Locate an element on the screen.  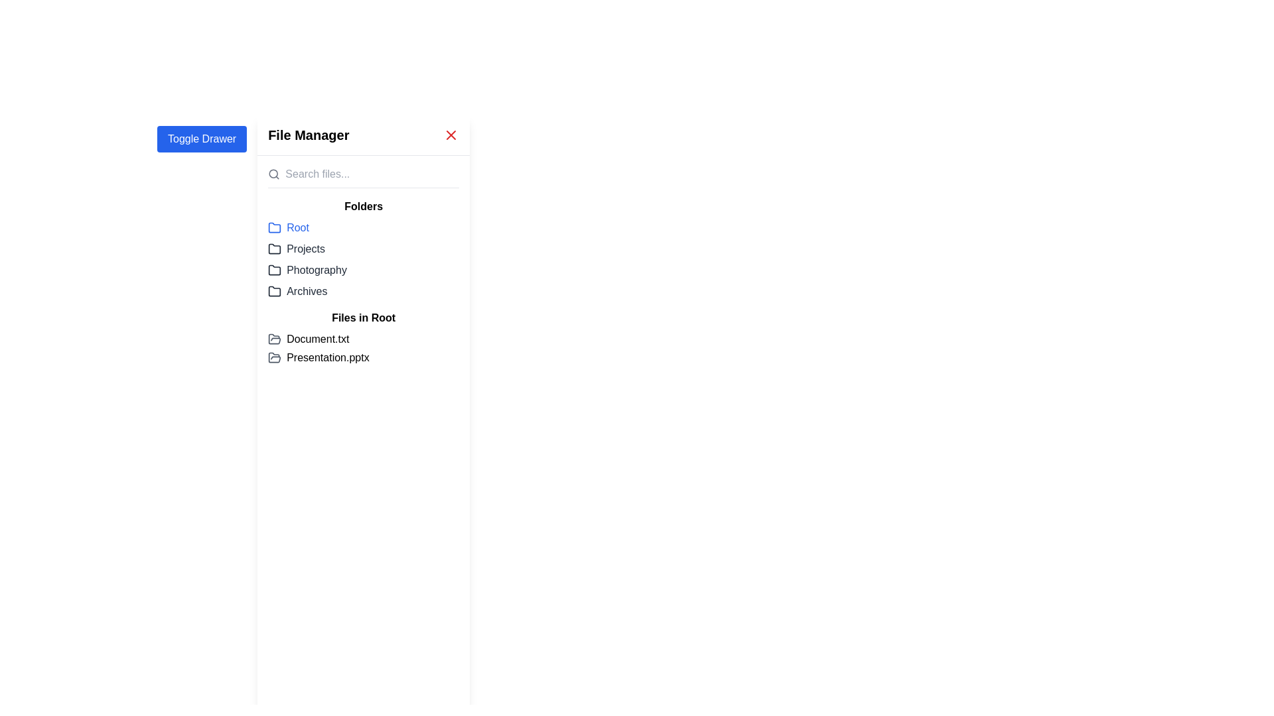
the folder icon associated with the document labeled 'Document.txt' in the 'Files in Root' section is located at coordinates (274, 339).